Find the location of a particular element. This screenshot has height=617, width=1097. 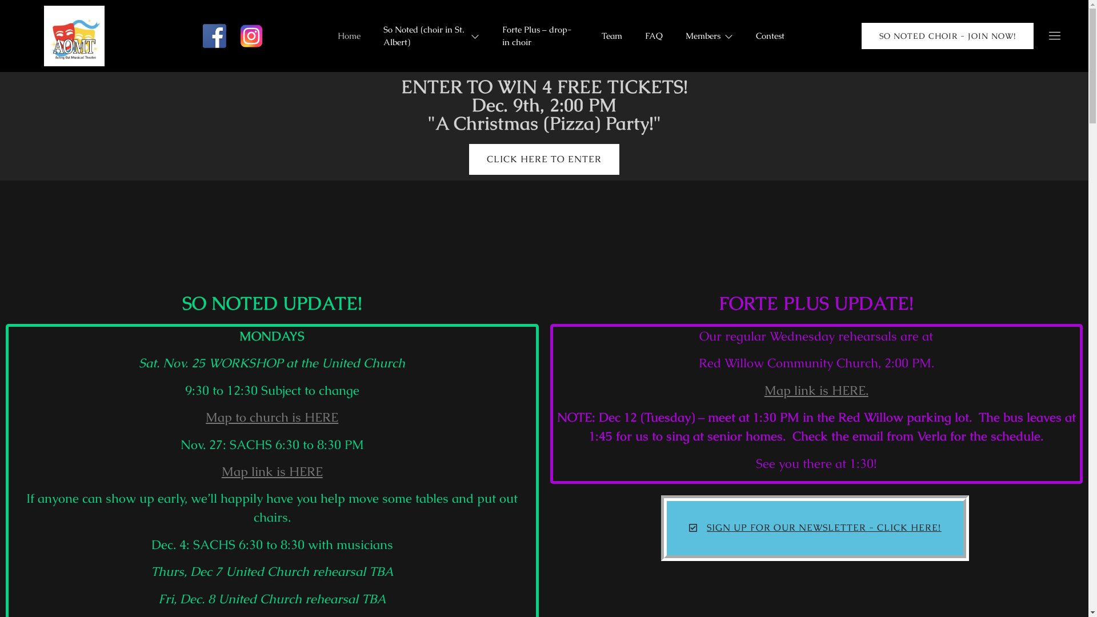

'Team' is located at coordinates (611, 35).